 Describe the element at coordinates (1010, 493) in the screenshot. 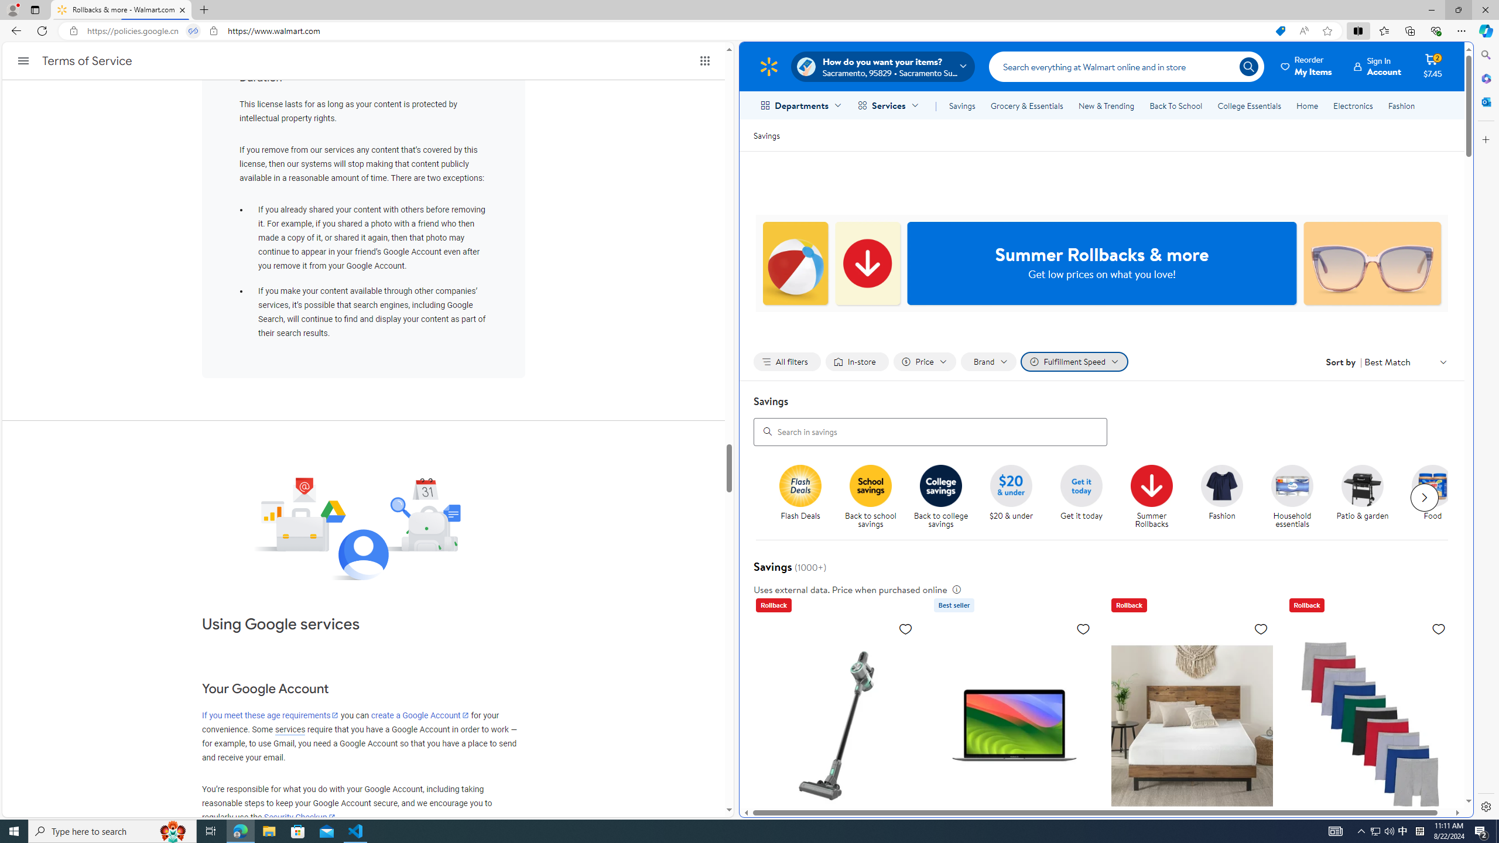

I see `'$20 and under $20 & under'` at that location.